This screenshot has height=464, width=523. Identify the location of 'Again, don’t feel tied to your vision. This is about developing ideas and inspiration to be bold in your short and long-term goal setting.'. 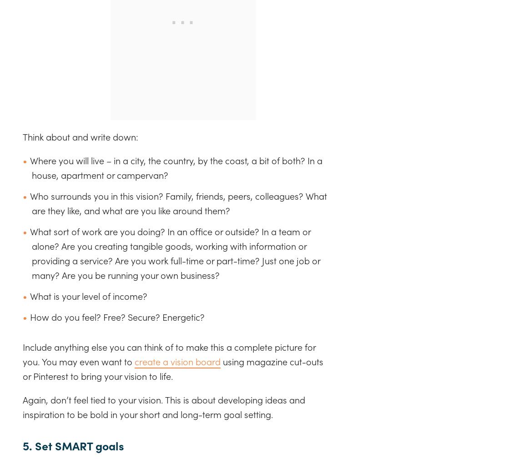
(22, 407).